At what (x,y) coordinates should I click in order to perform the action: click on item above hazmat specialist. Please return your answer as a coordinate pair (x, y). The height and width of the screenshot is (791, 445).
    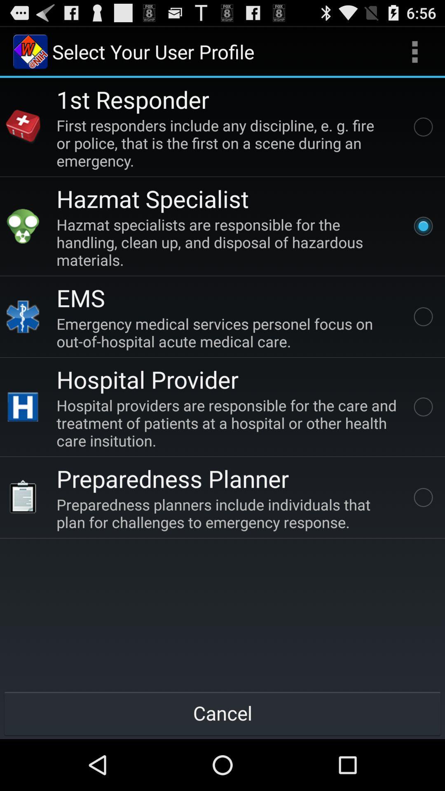
    Looking at the image, I should click on (228, 143).